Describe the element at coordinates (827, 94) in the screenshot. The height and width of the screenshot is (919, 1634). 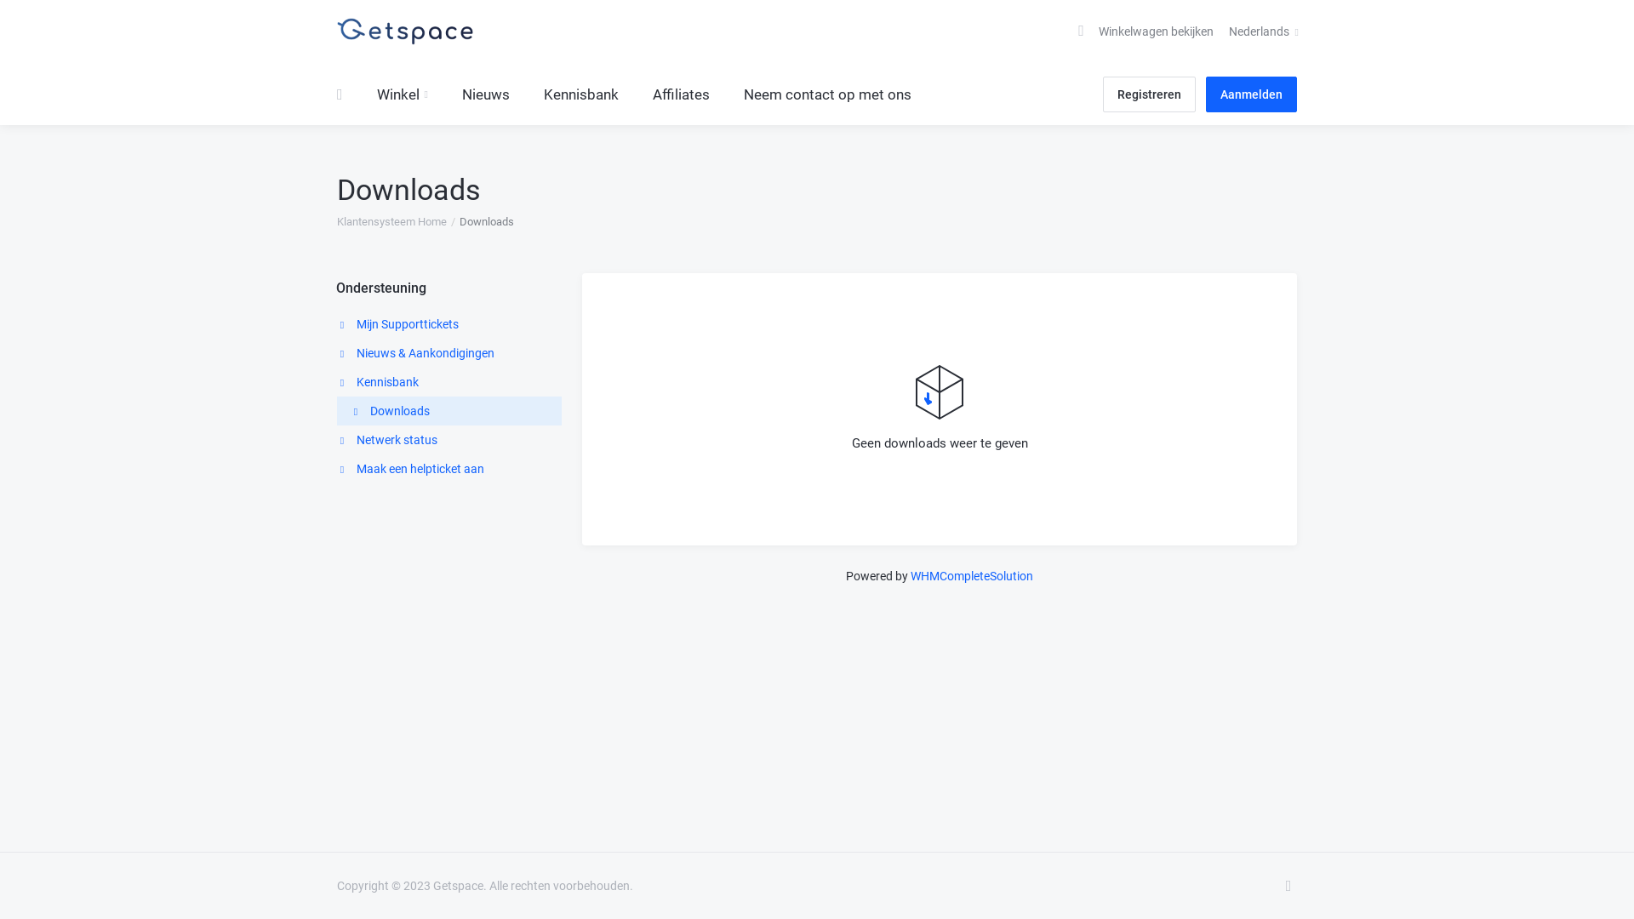
I see `'Neem contact op met ons'` at that location.